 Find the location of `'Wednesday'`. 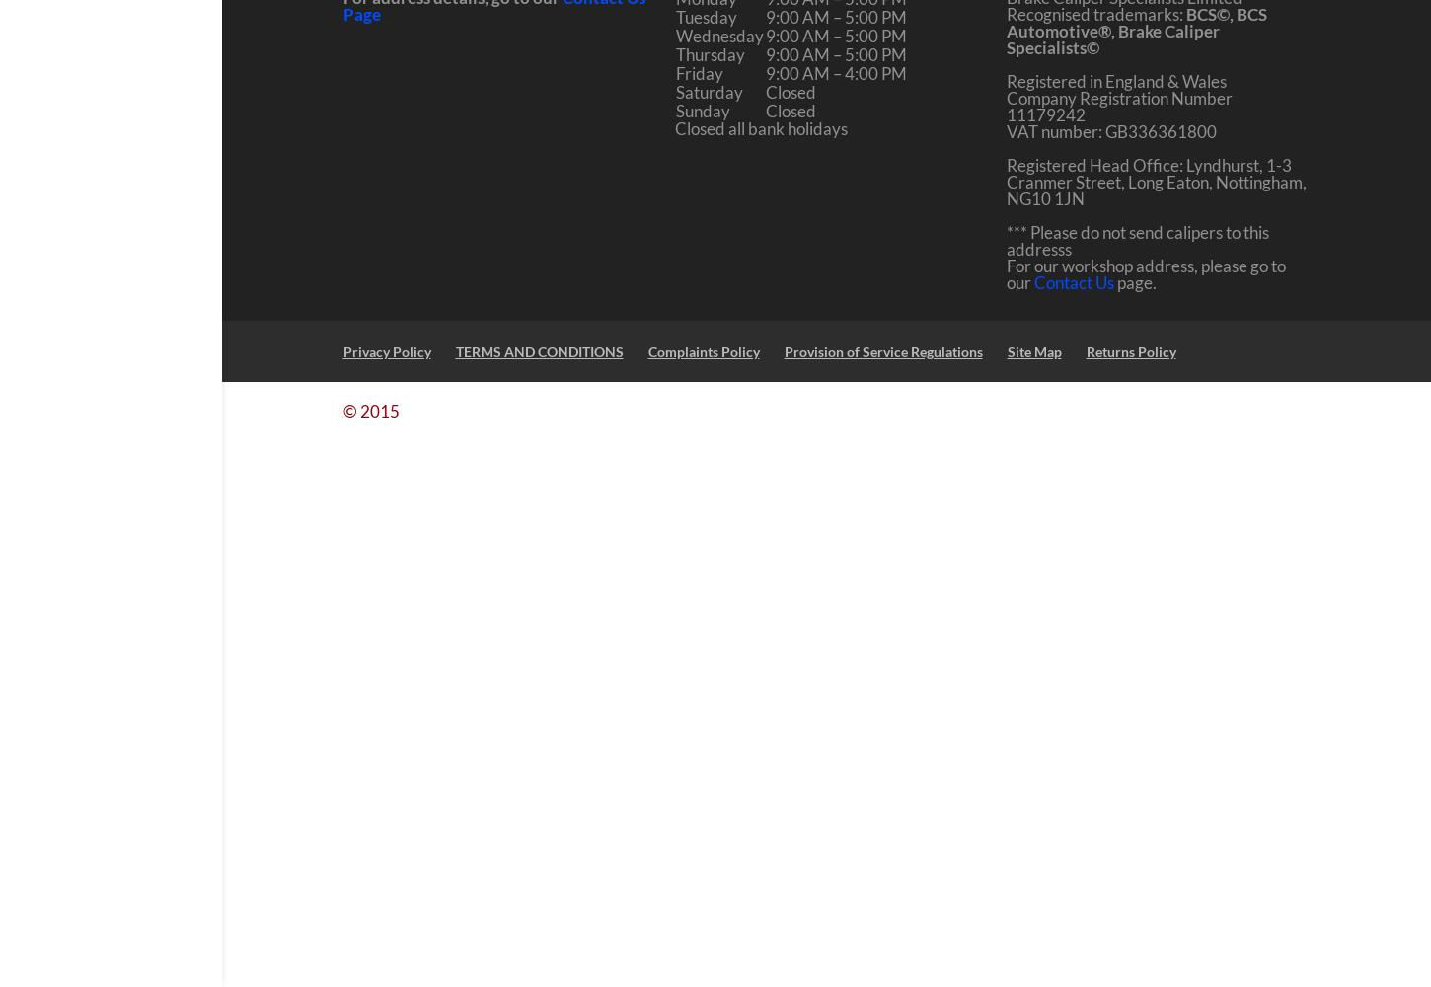

'Wednesday' is located at coordinates (673, 36).